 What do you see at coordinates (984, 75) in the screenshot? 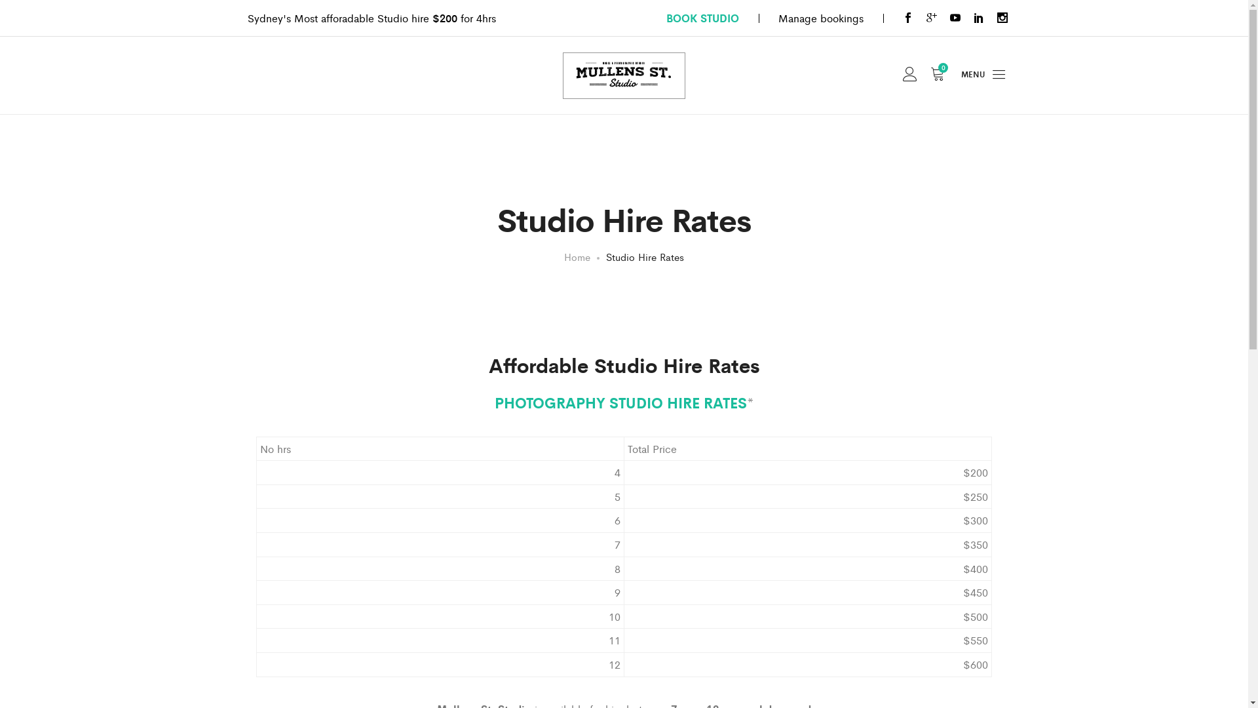
I see `'MENU'` at bounding box center [984, 75].